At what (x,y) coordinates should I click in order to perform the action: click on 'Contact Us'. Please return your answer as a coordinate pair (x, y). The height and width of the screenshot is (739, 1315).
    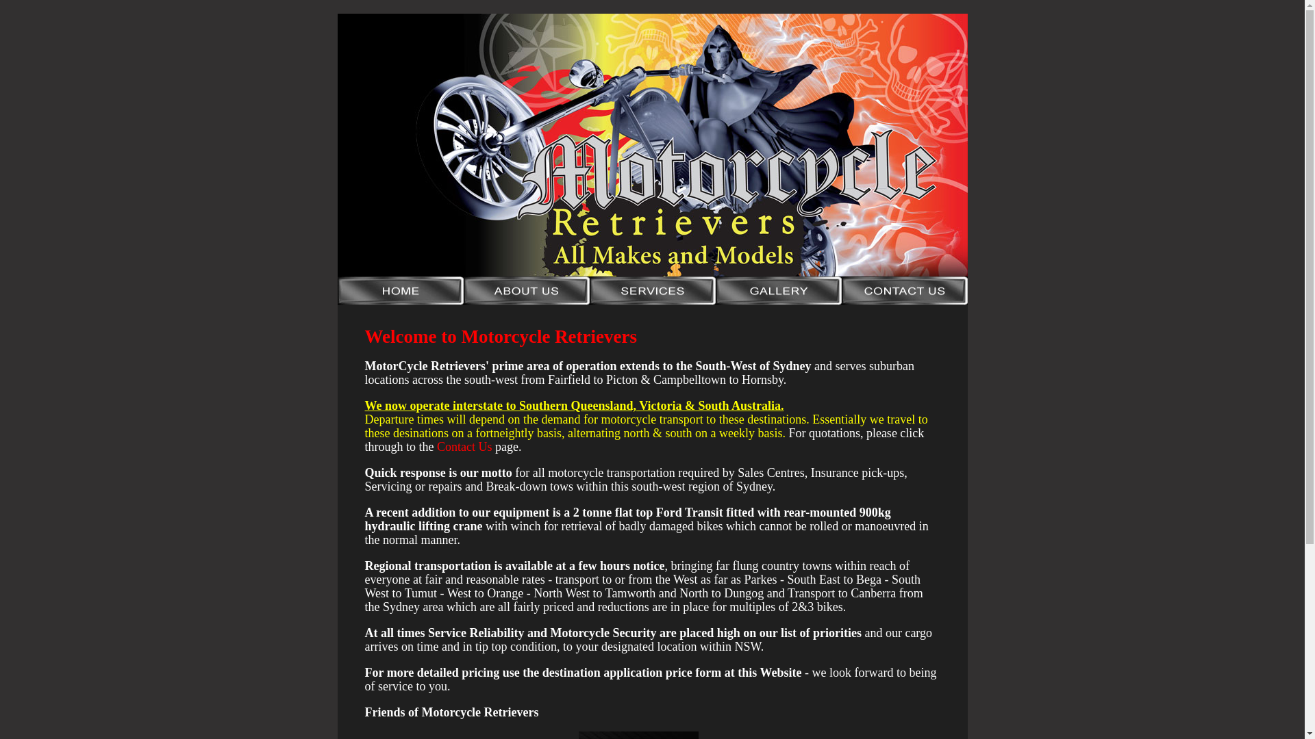
    Looking at the image, I should click on (436, 446).